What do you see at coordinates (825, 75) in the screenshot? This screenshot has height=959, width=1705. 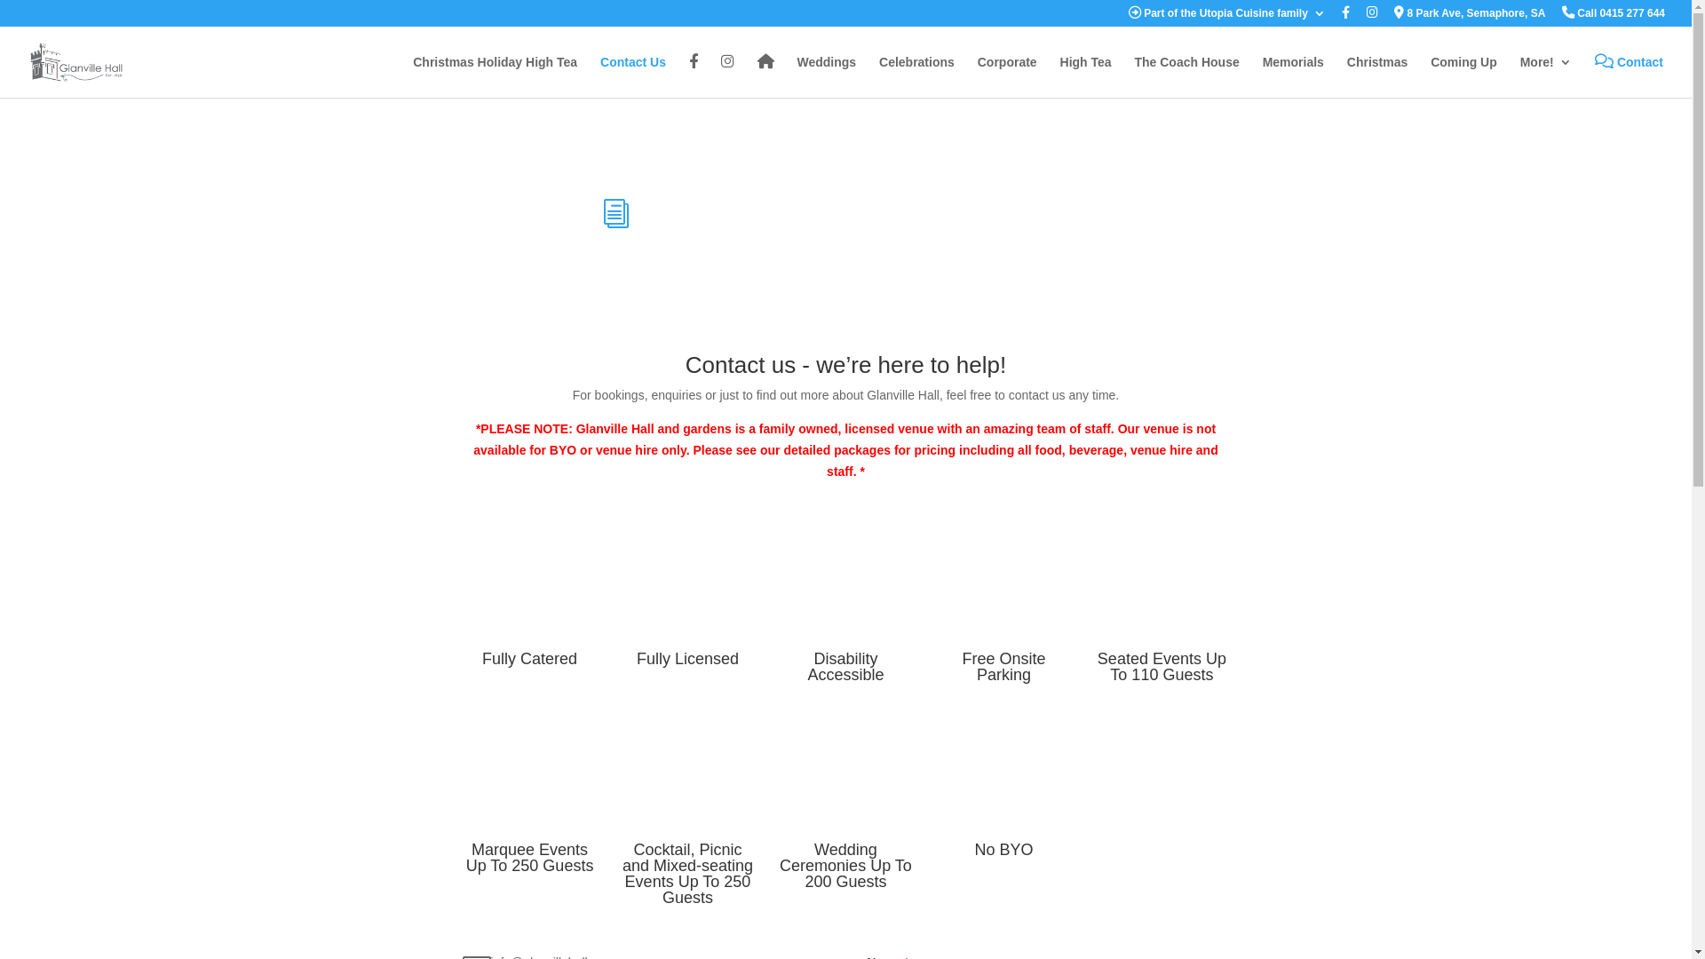 I see `'Weddings'` at bounding box center [825, 75].